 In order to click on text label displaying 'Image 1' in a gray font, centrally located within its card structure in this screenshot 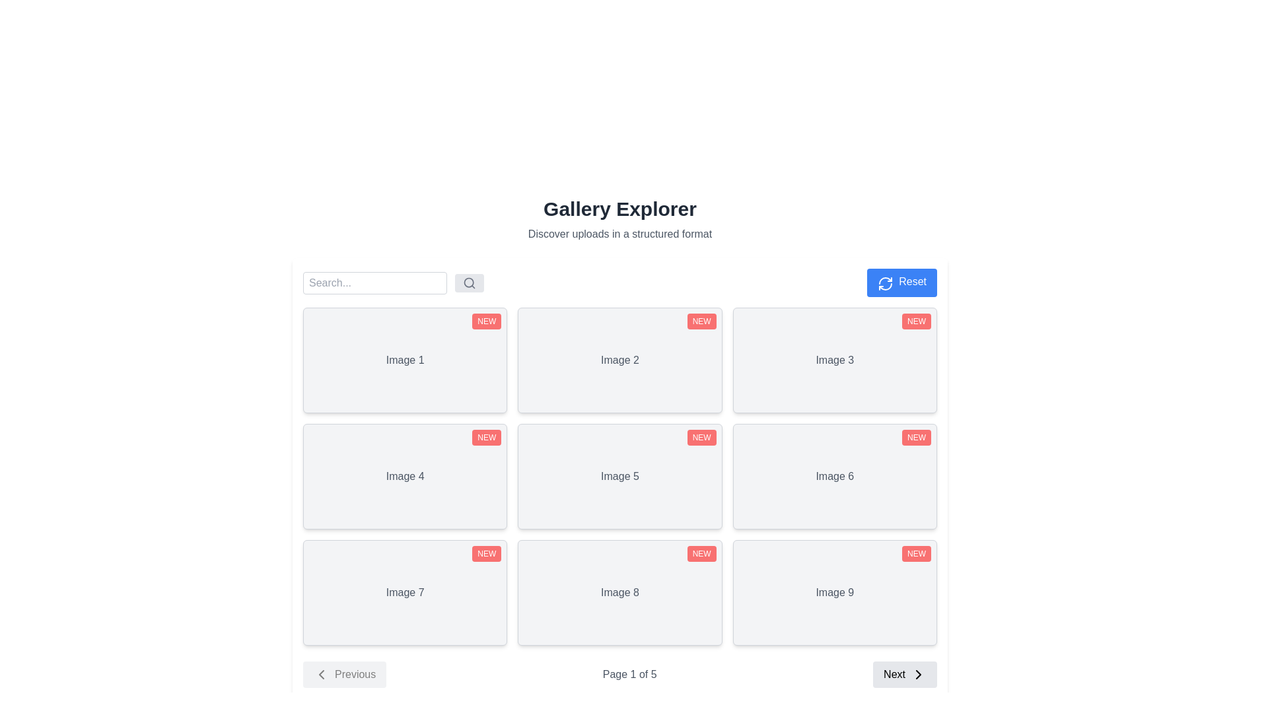, I will do `click(404, 360)`.